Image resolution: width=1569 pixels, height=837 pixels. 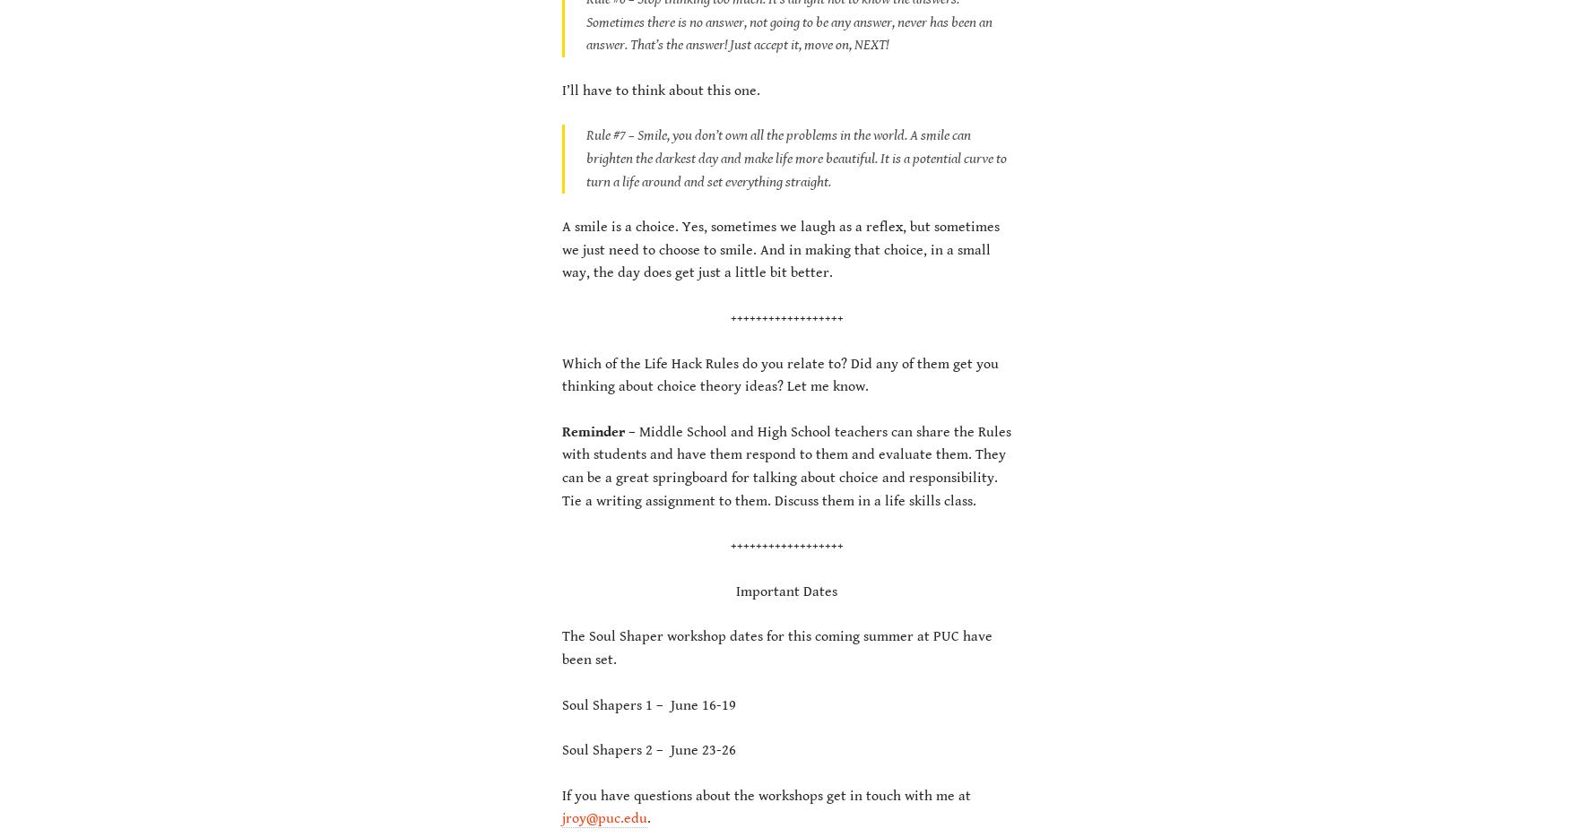 What do you see at coordinates (785, 590) in the screenshot?
I see `'Important Dates'` at bounding box center [785, 590].